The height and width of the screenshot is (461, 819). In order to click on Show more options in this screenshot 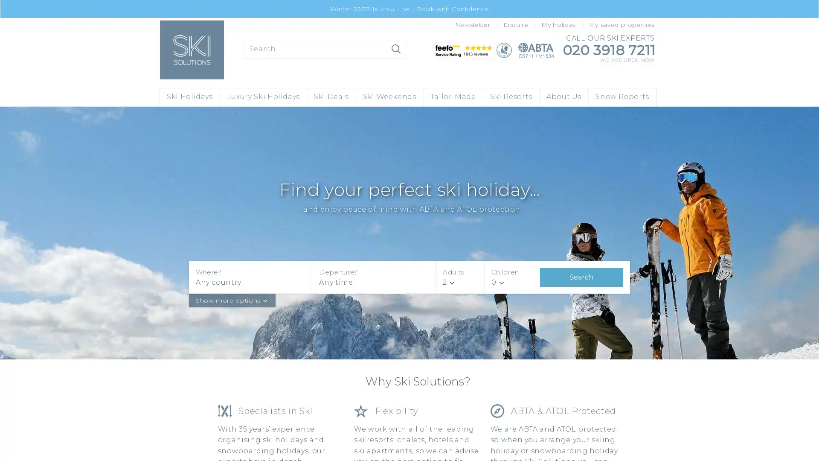, I will do `click(232, 299)`.